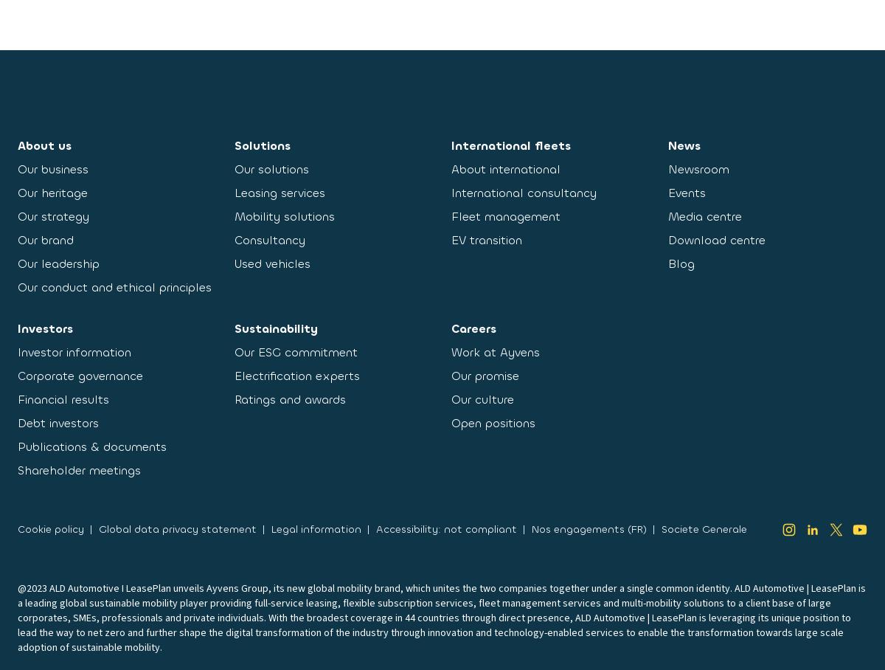 The image size is (885, 670). What do you see at coordinates (18, 216) in the screenshot?
I see `'Our strategy'` at bounding box center [18, 216].